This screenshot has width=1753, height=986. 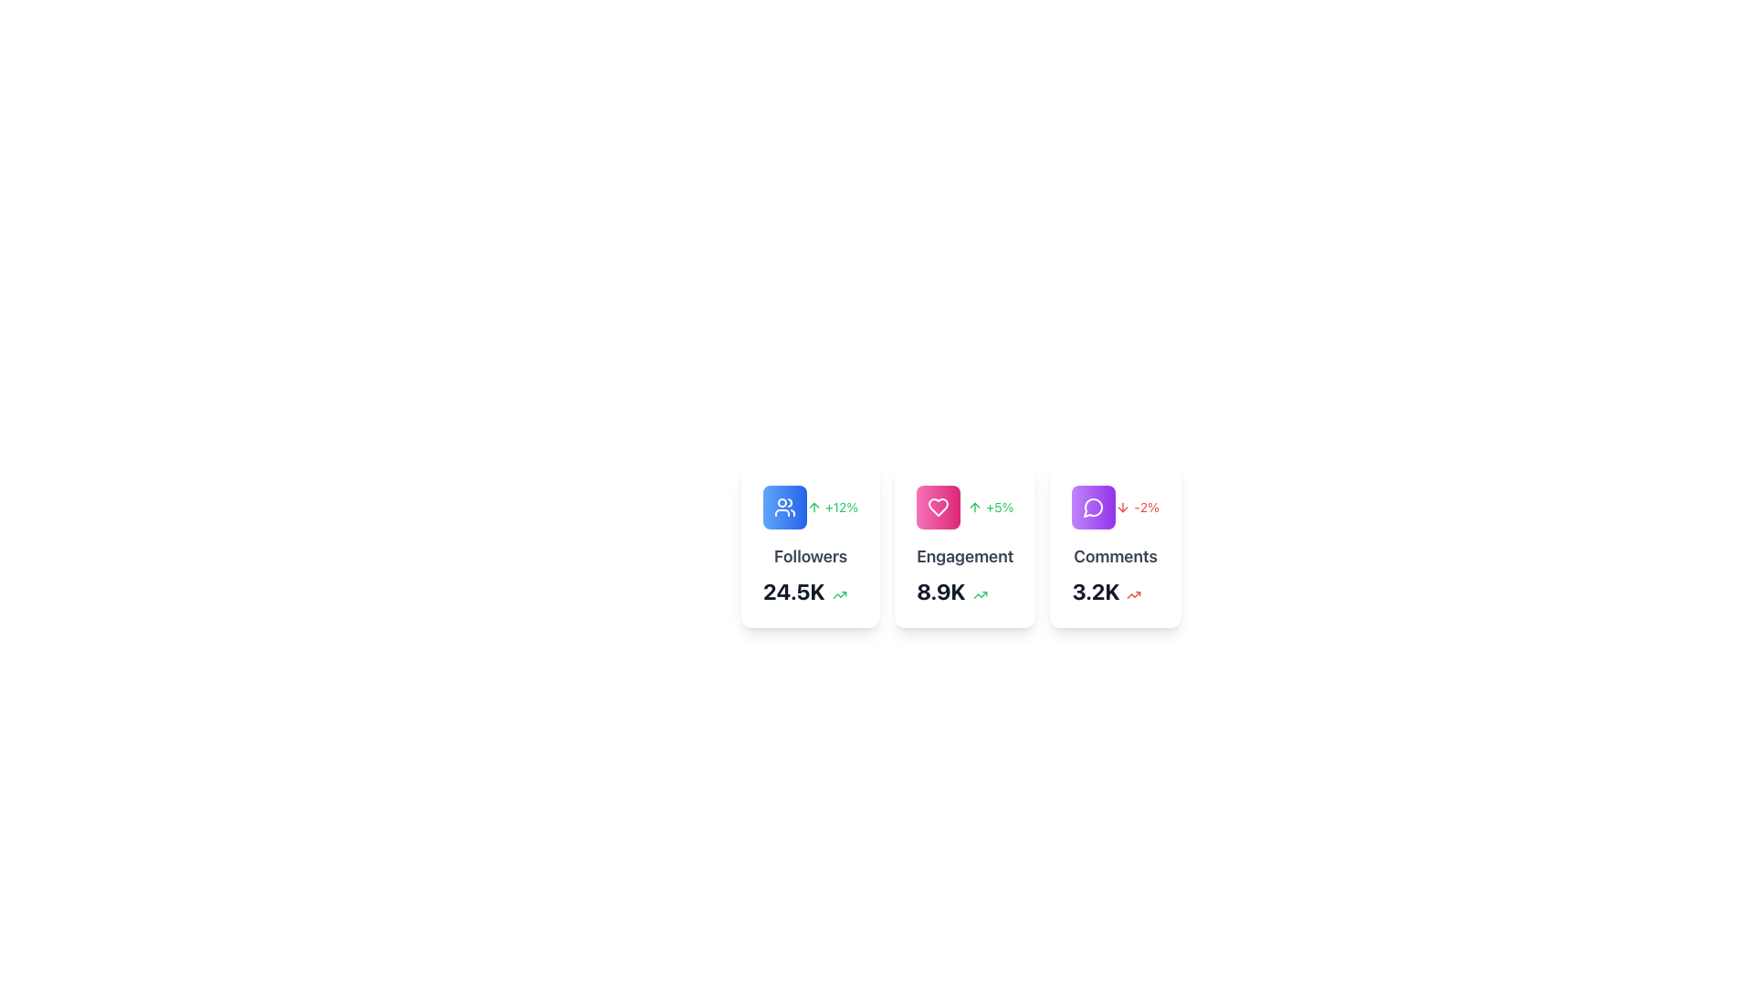 I want to click on the bold, large-sized text label '8.9K' displayed in dark gray, which is positioned below the 'Engagement' label with a pink icon above it, so click(x=940, y=592).